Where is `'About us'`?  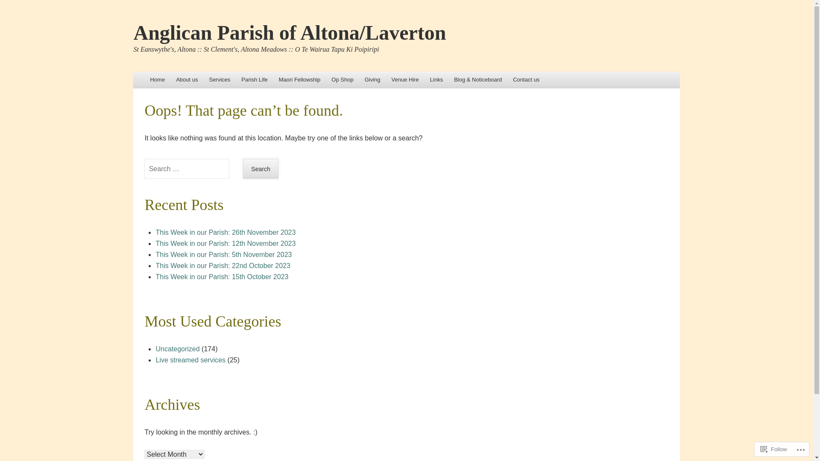
'About us' is located at coordinates (186, 80).